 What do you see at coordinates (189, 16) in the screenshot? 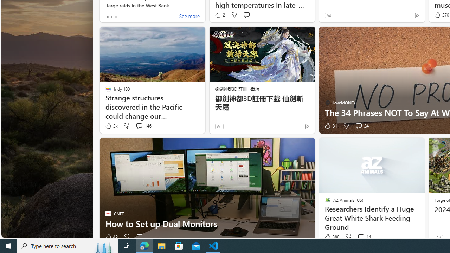
I see `'See more'` at bounding box center [189, 16].